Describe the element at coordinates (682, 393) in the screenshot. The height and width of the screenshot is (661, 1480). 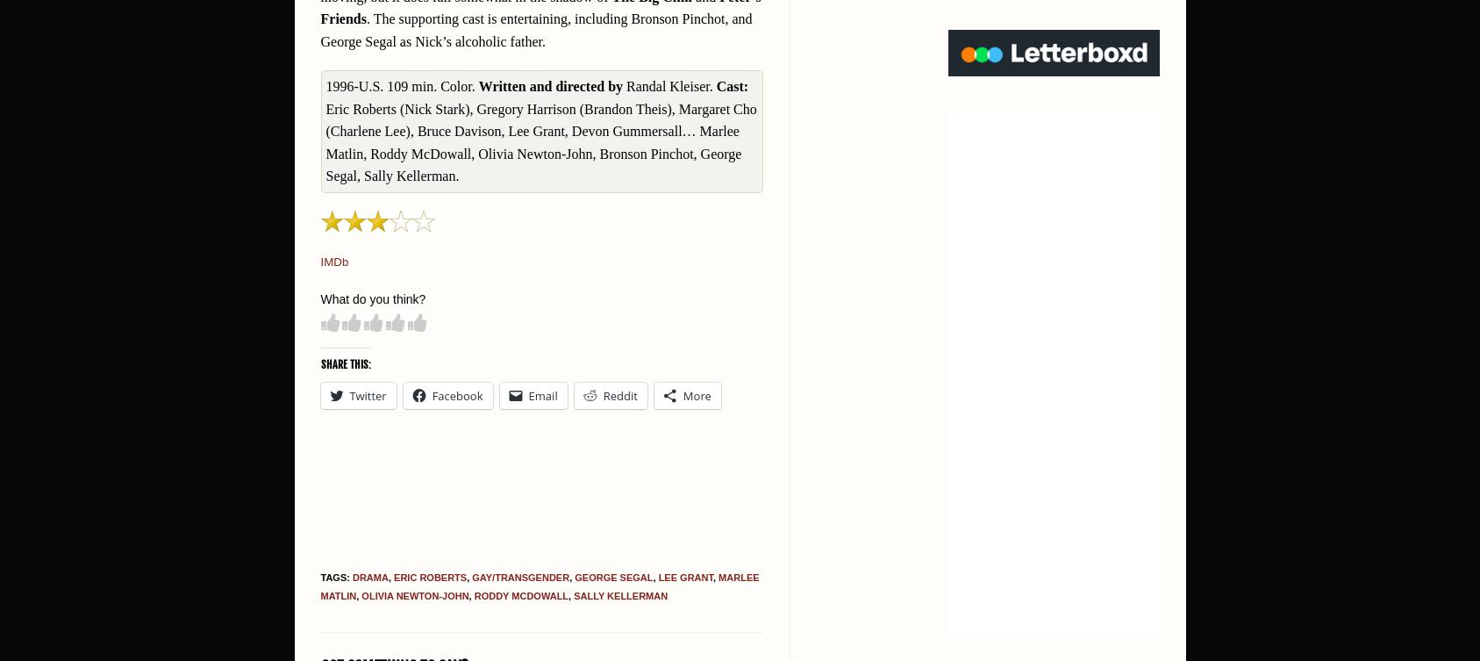
I see `'More'` at that location.